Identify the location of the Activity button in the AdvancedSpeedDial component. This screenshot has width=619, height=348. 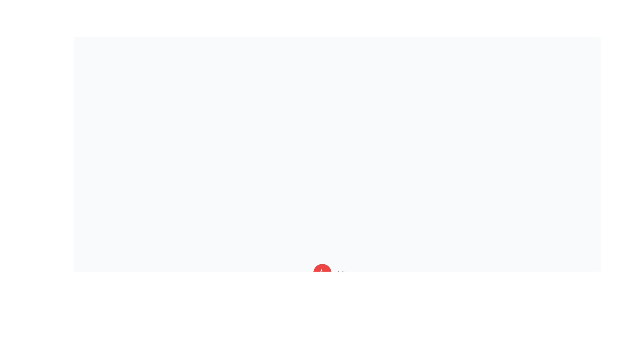
(322, 273).